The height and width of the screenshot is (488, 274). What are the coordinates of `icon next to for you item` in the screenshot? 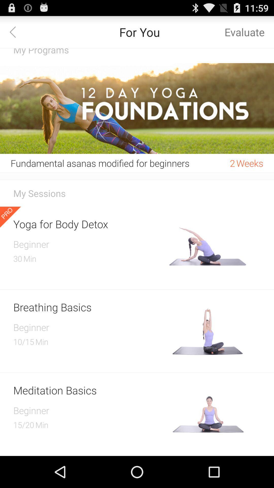 It's located at (15, 32).